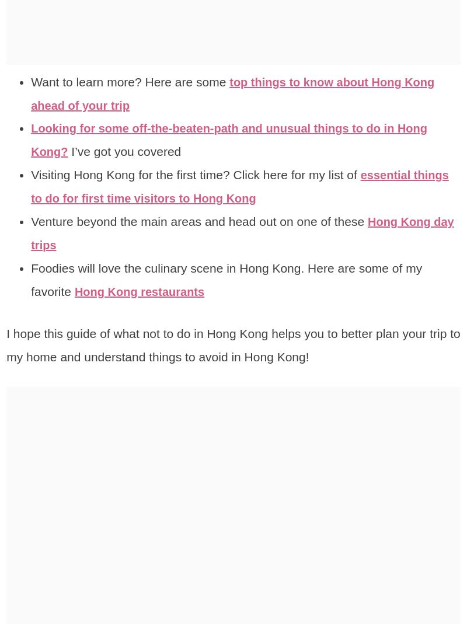 This screenshot has height=624, width=467. What do you see at coordinates (226, 278) in the screenshot?
I see `'Foodies will love the culinary scene in Hong Kong. Here are some of my favorite'` at bounding box center [226, 278].